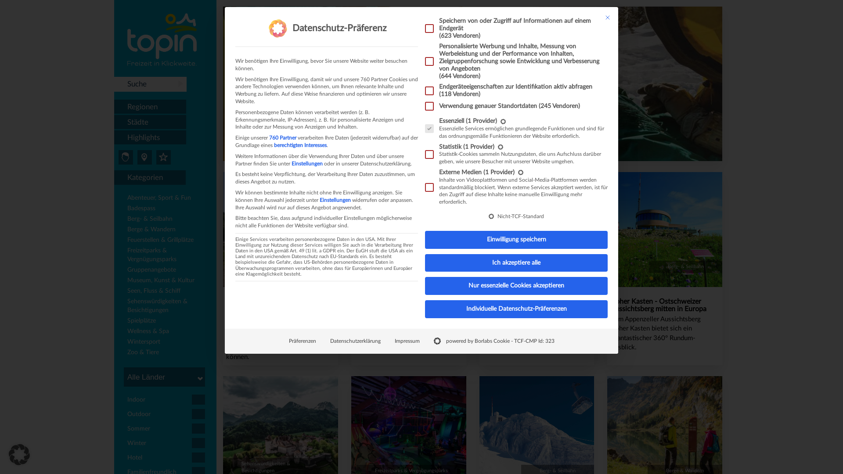 The image size is (843, 474). What do you see at coordinates (168, 209) in the screenshot?
I see `'Badespass'` at bounding box center [168, 209].